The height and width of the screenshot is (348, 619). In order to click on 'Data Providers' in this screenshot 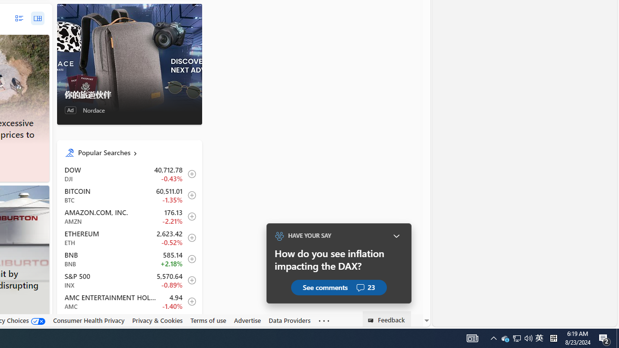, I will do `click(289, 320)`.